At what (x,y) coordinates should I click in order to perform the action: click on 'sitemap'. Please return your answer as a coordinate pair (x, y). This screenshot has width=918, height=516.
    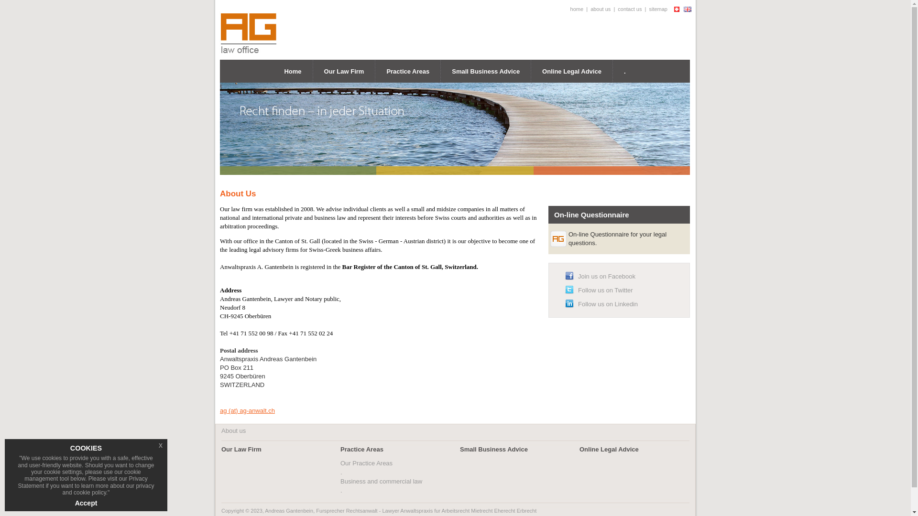
    Looking at the image, I should click on (657, 9).